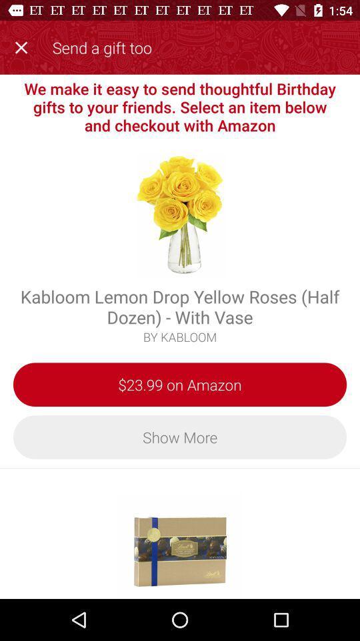 The image size is (360, 641). I want to click on the icon above the show more item, so click(180, 385).